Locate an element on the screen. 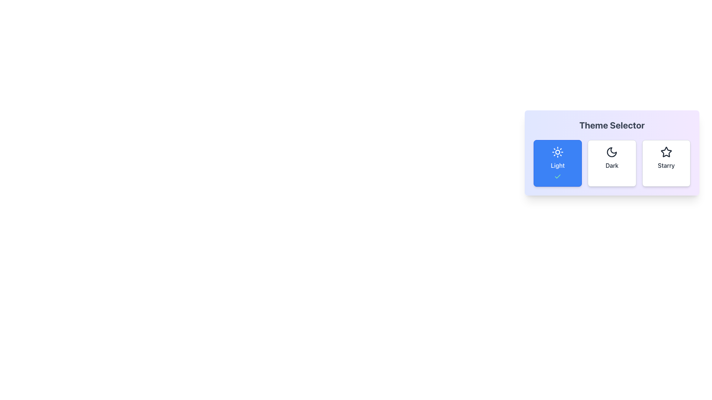 The height and width of the screenshot is (400, 712). text label element that displays 'Dark', which is styled in bold sans-serif font and is located in the center of the 'Theme Selector' widget is located at coordinates (612, 165).